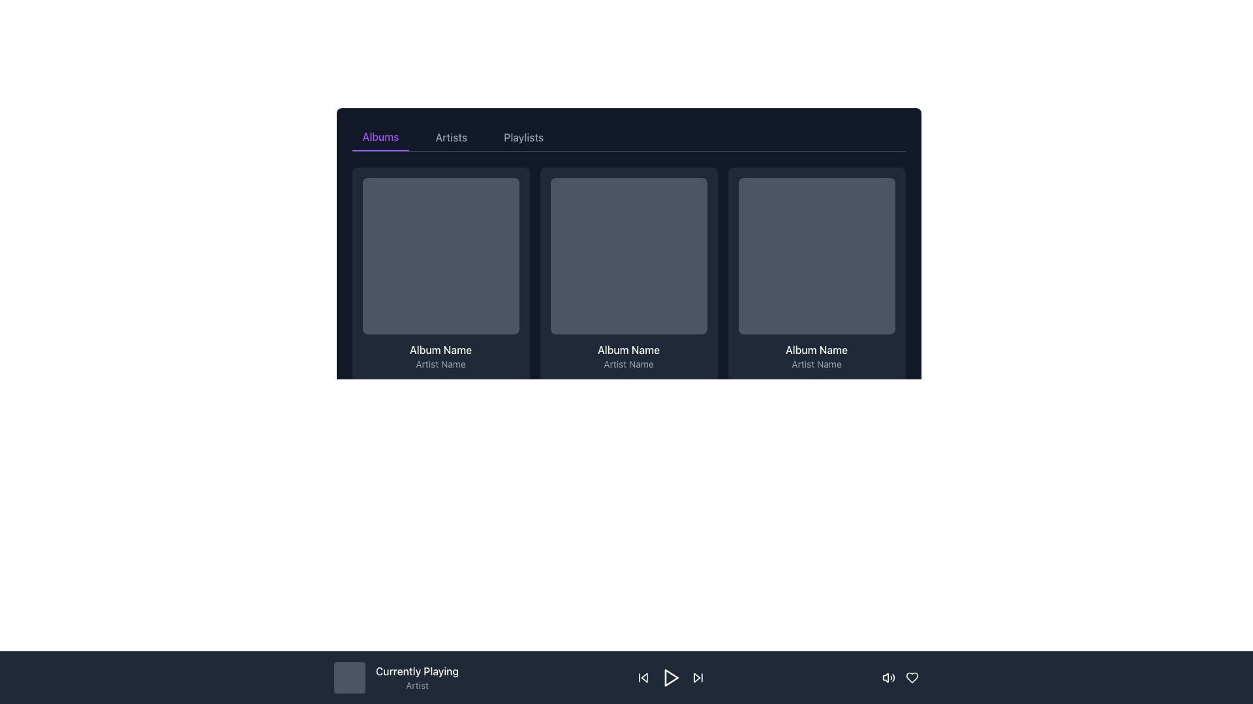 Image resolution: width=1253 pixels, height=704 pixels. I want to click on the Text Label that displays the name or title of the album, located below the square thumbnail image in the middle card of a horizontally-aligned group of three cards, so click(628, 349).